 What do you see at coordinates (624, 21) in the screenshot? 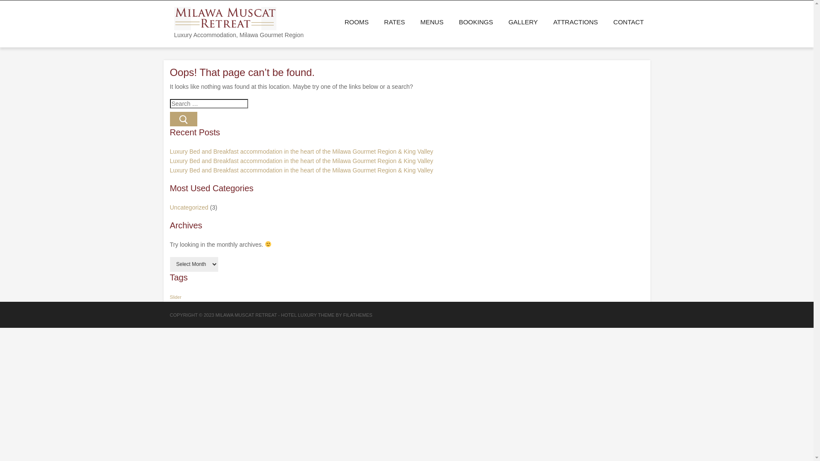
I see `'CONTACT'` at bounding box center [624, 21].